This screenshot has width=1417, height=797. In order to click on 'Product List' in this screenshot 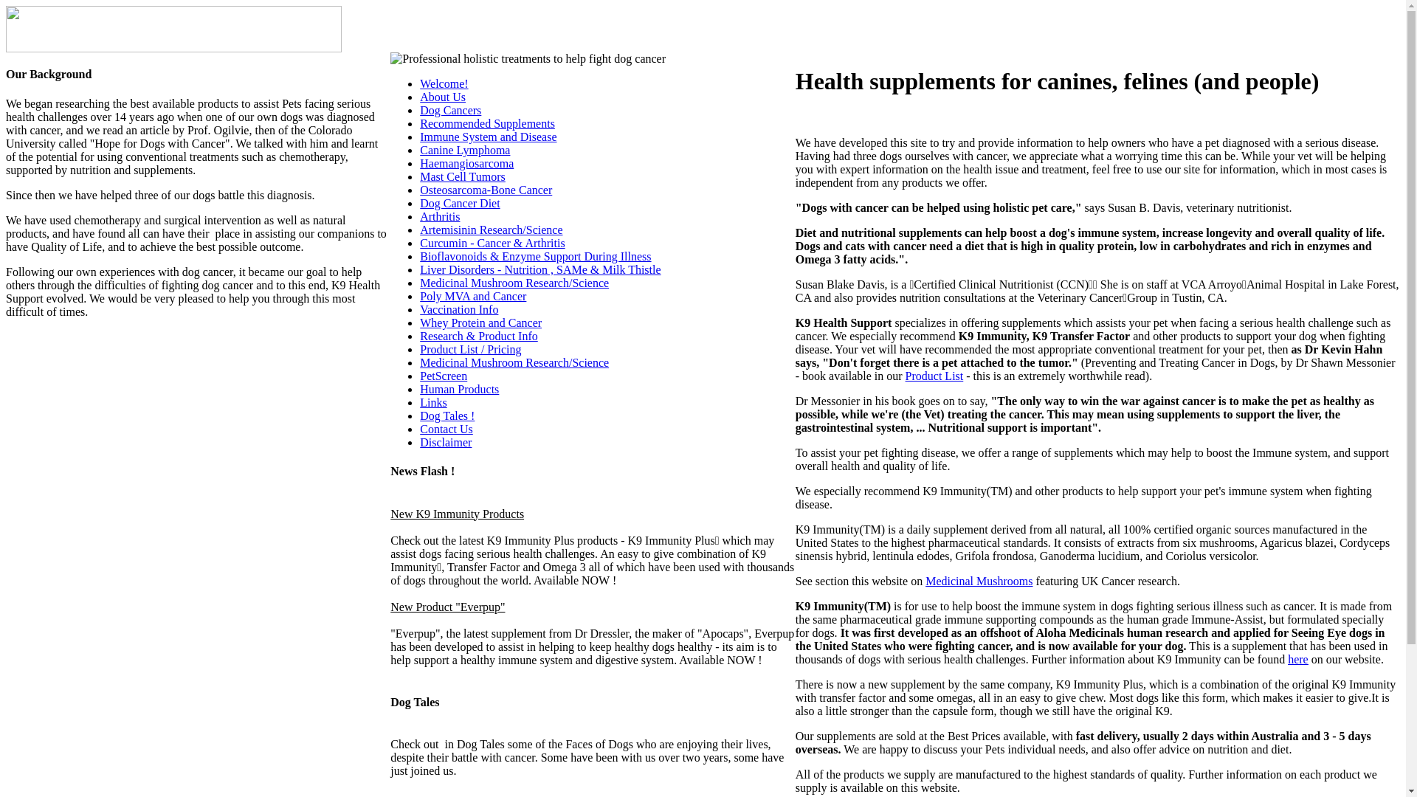, I will do `click(934, 375)`.